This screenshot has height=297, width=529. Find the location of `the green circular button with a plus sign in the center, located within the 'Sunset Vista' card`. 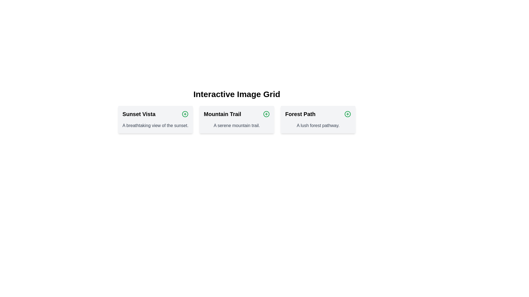

the green circular button with a plus sign in the center, located within the 'Sunset Vista' card is located at coordinates (185, 114).